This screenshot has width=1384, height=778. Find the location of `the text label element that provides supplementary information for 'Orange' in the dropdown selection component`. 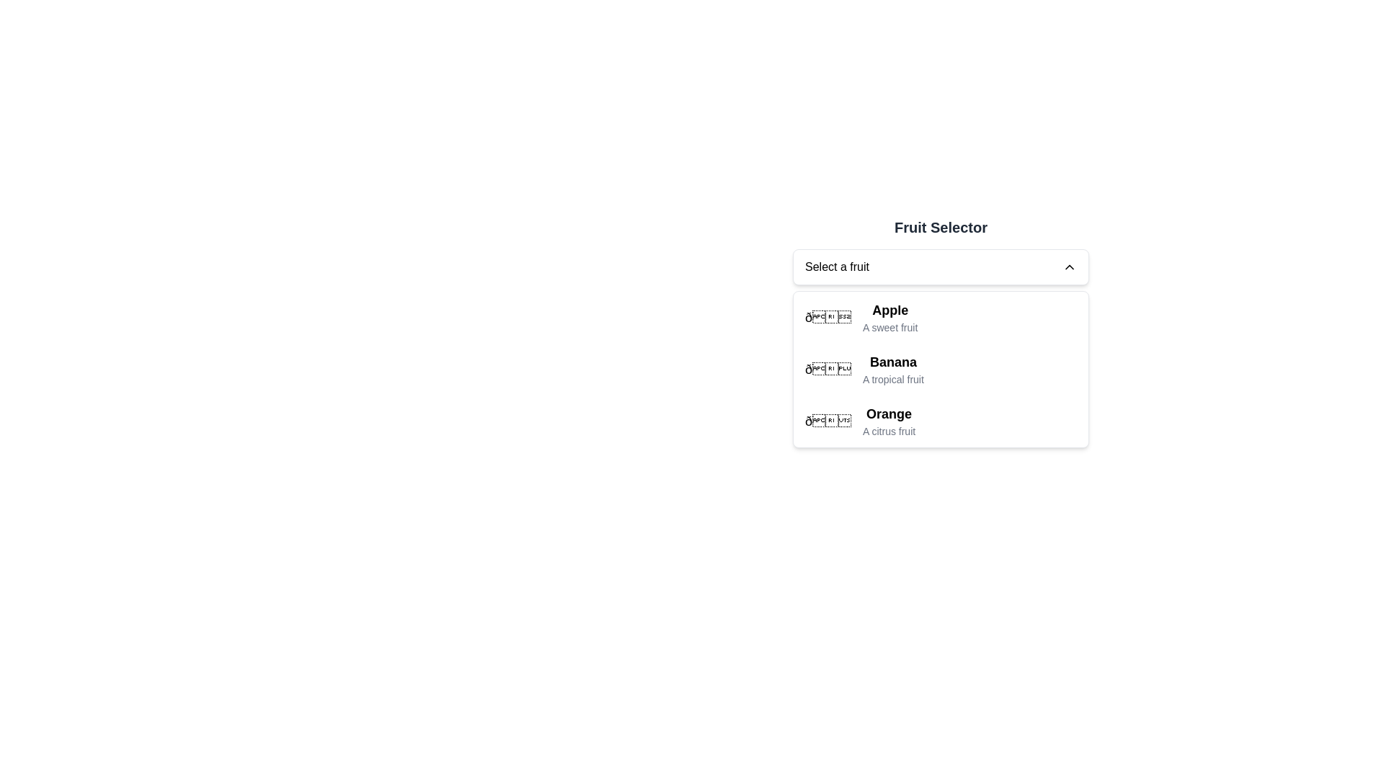

the text label element that provides supplementary information for 'Orange' in the dropdown selection component is located at coordinates (888, 430).